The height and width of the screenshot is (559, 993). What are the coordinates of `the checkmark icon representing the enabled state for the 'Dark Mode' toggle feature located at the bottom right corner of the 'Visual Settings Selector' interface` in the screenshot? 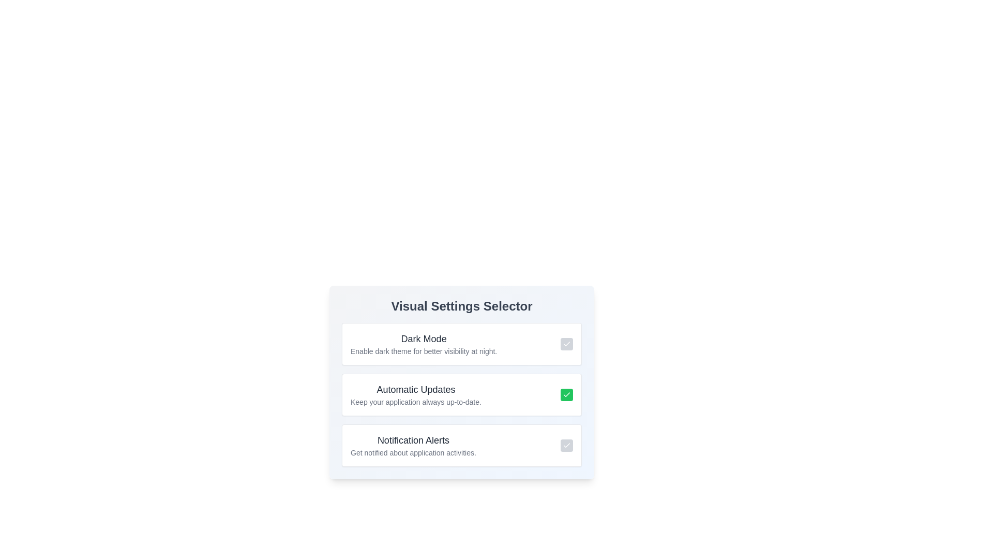 It's located at (566, 344).